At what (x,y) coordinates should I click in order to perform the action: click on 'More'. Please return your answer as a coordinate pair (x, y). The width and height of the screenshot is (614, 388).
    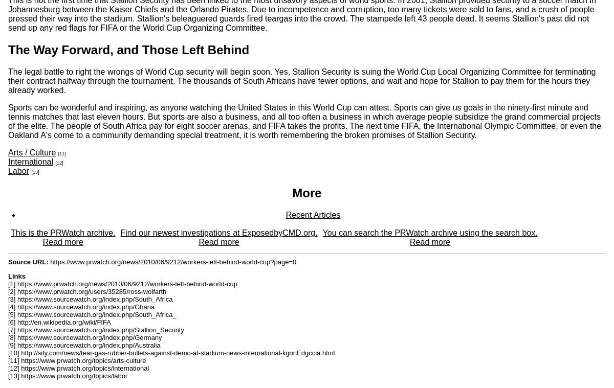
    Looking at the image, I should click on (291, 192).